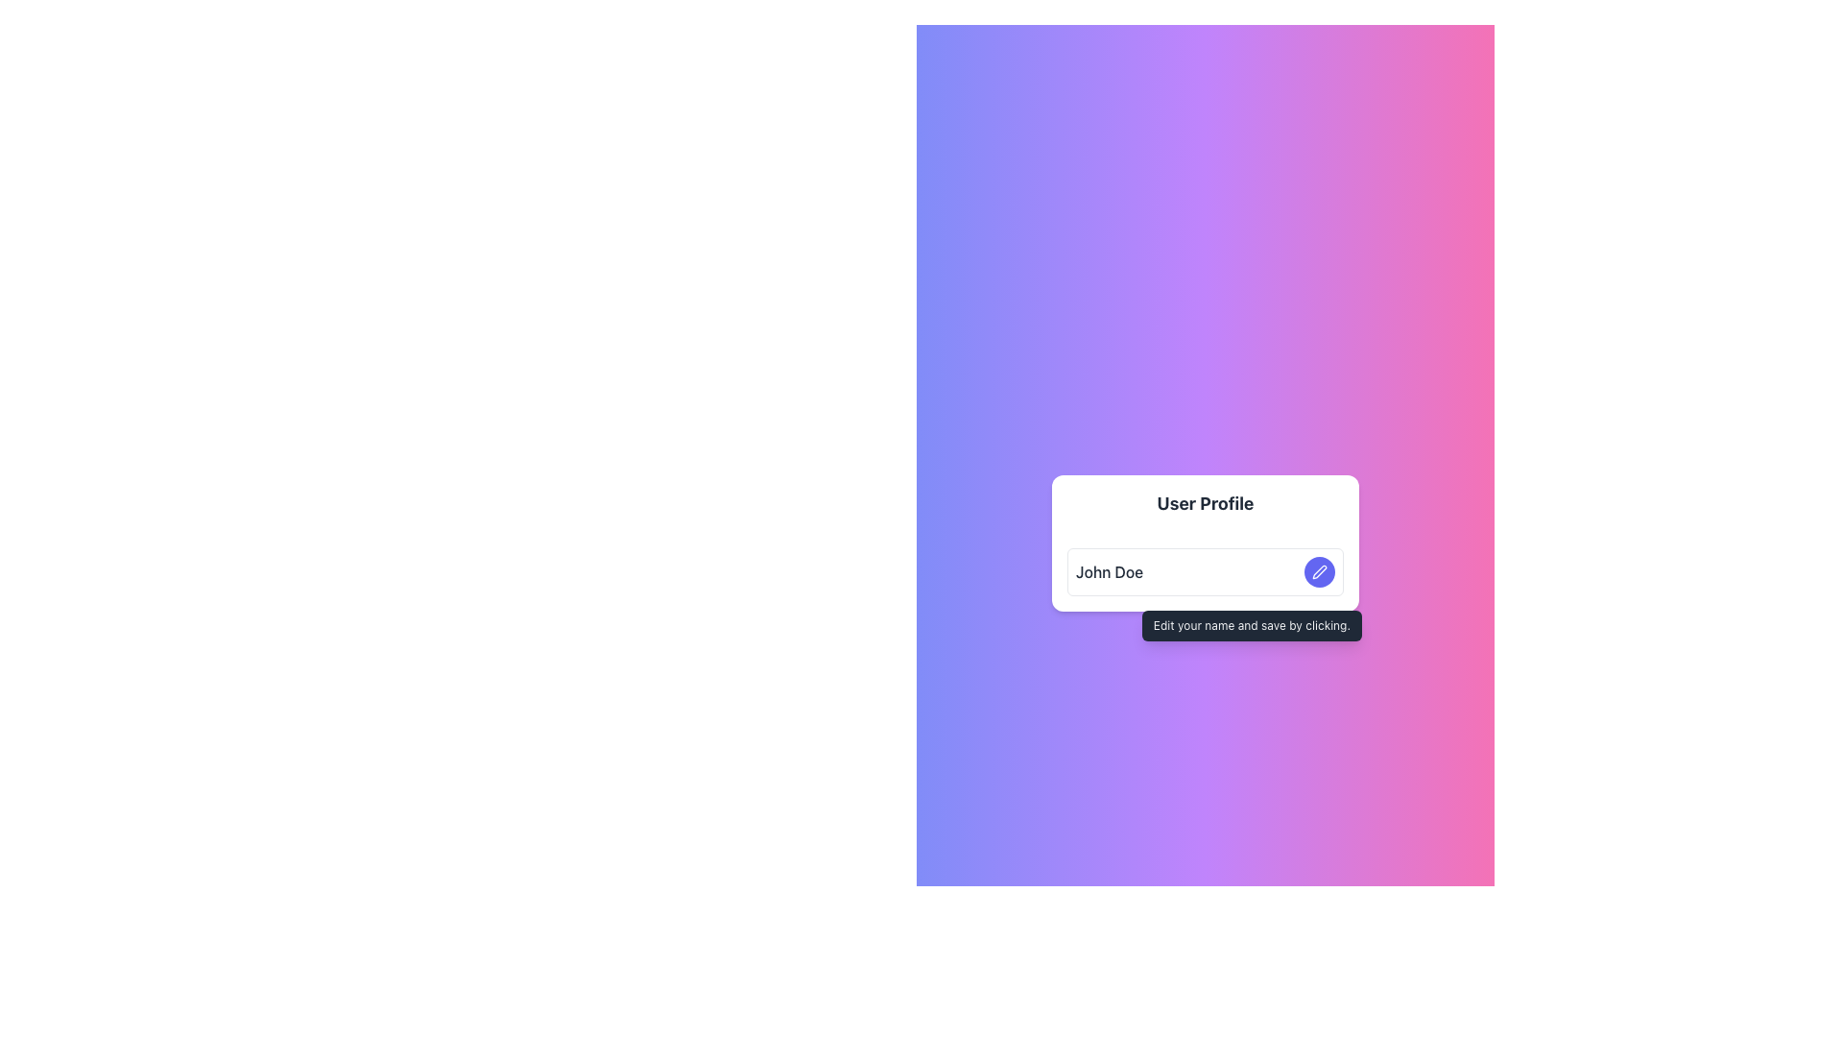  I want to click on the static text label displaying 'John Doe' within the user profile interface, so click(1110, 571).